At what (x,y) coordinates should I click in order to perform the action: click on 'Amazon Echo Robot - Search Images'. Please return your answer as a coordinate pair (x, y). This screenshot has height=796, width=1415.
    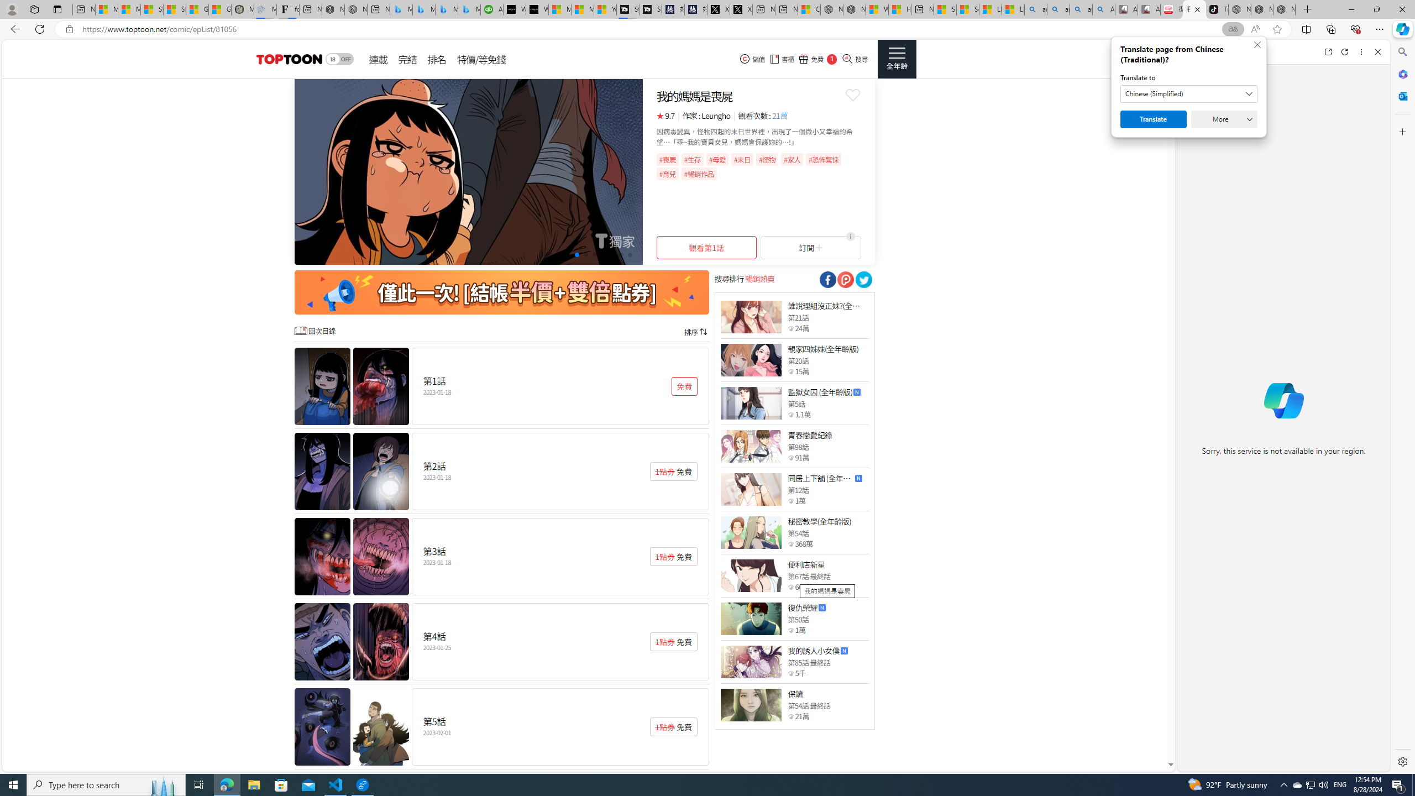
    Looking at the image, I should click on (1103, 9).